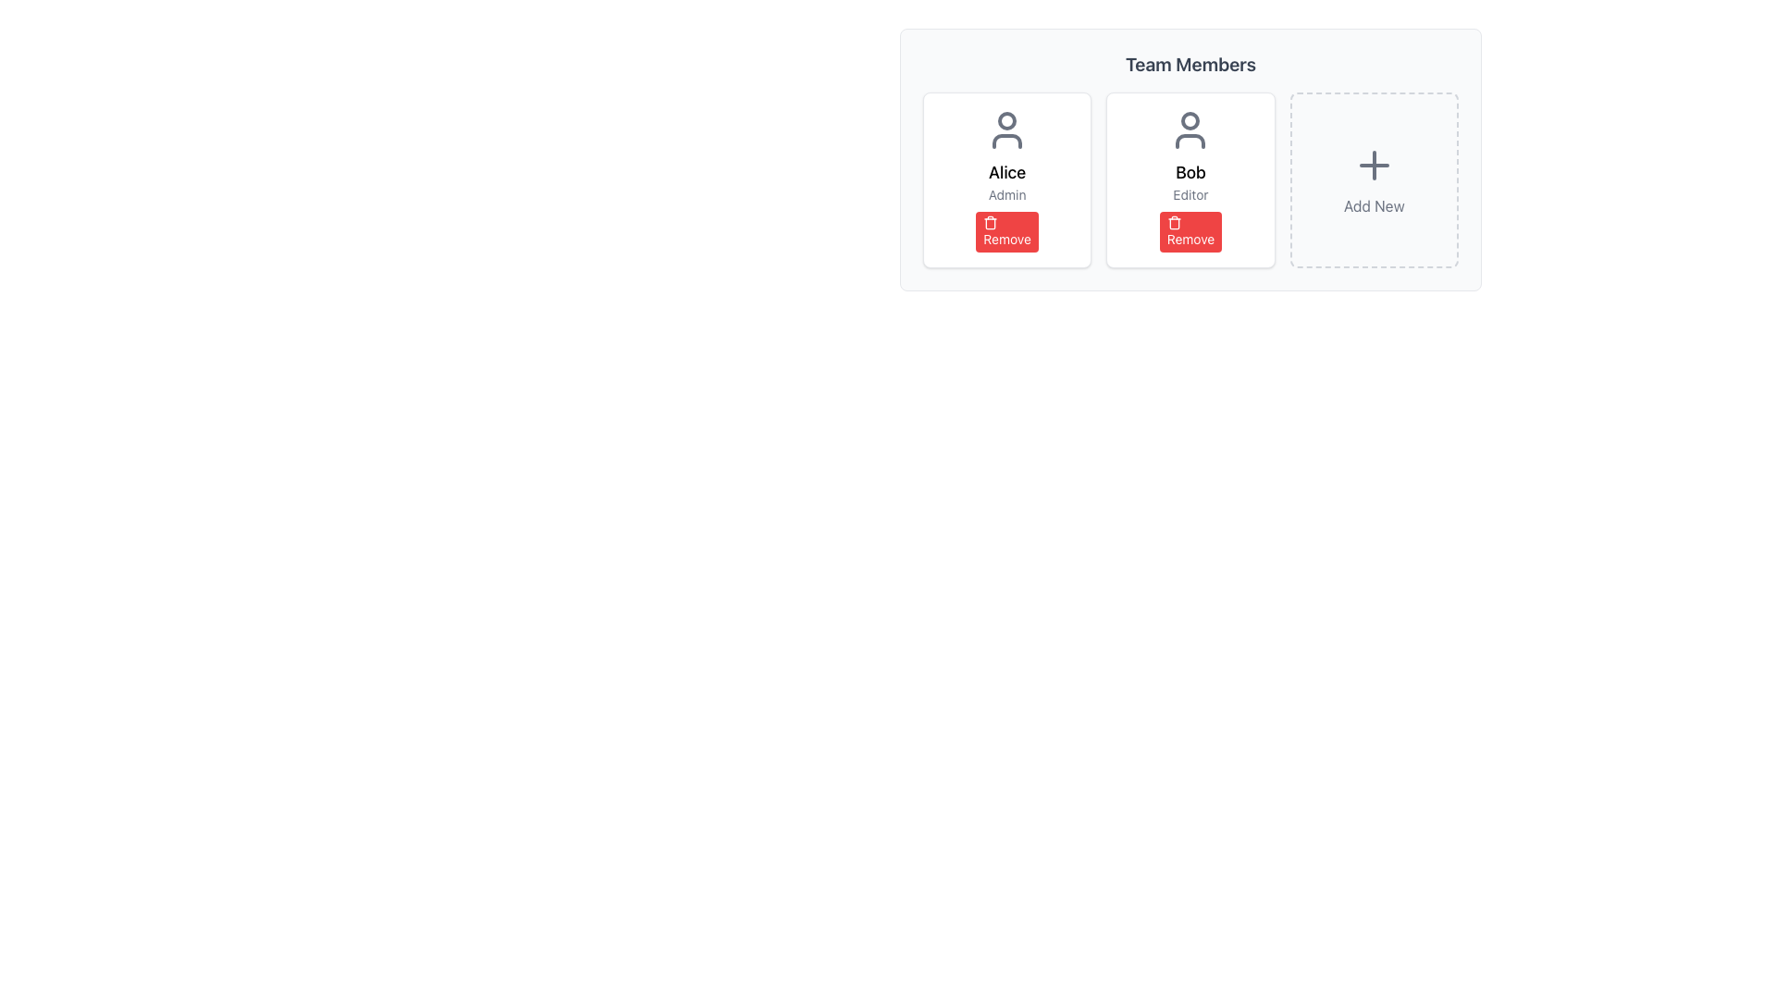  What do you see at coordinates (1190, 195) in the screenshot?
I see `the text label displaying 'Editor', which is styled with a smaller font size and gray color, located beneath the name 'Bob' in the center card of the 'Team Members' section` at bounding box center [1190, 195].